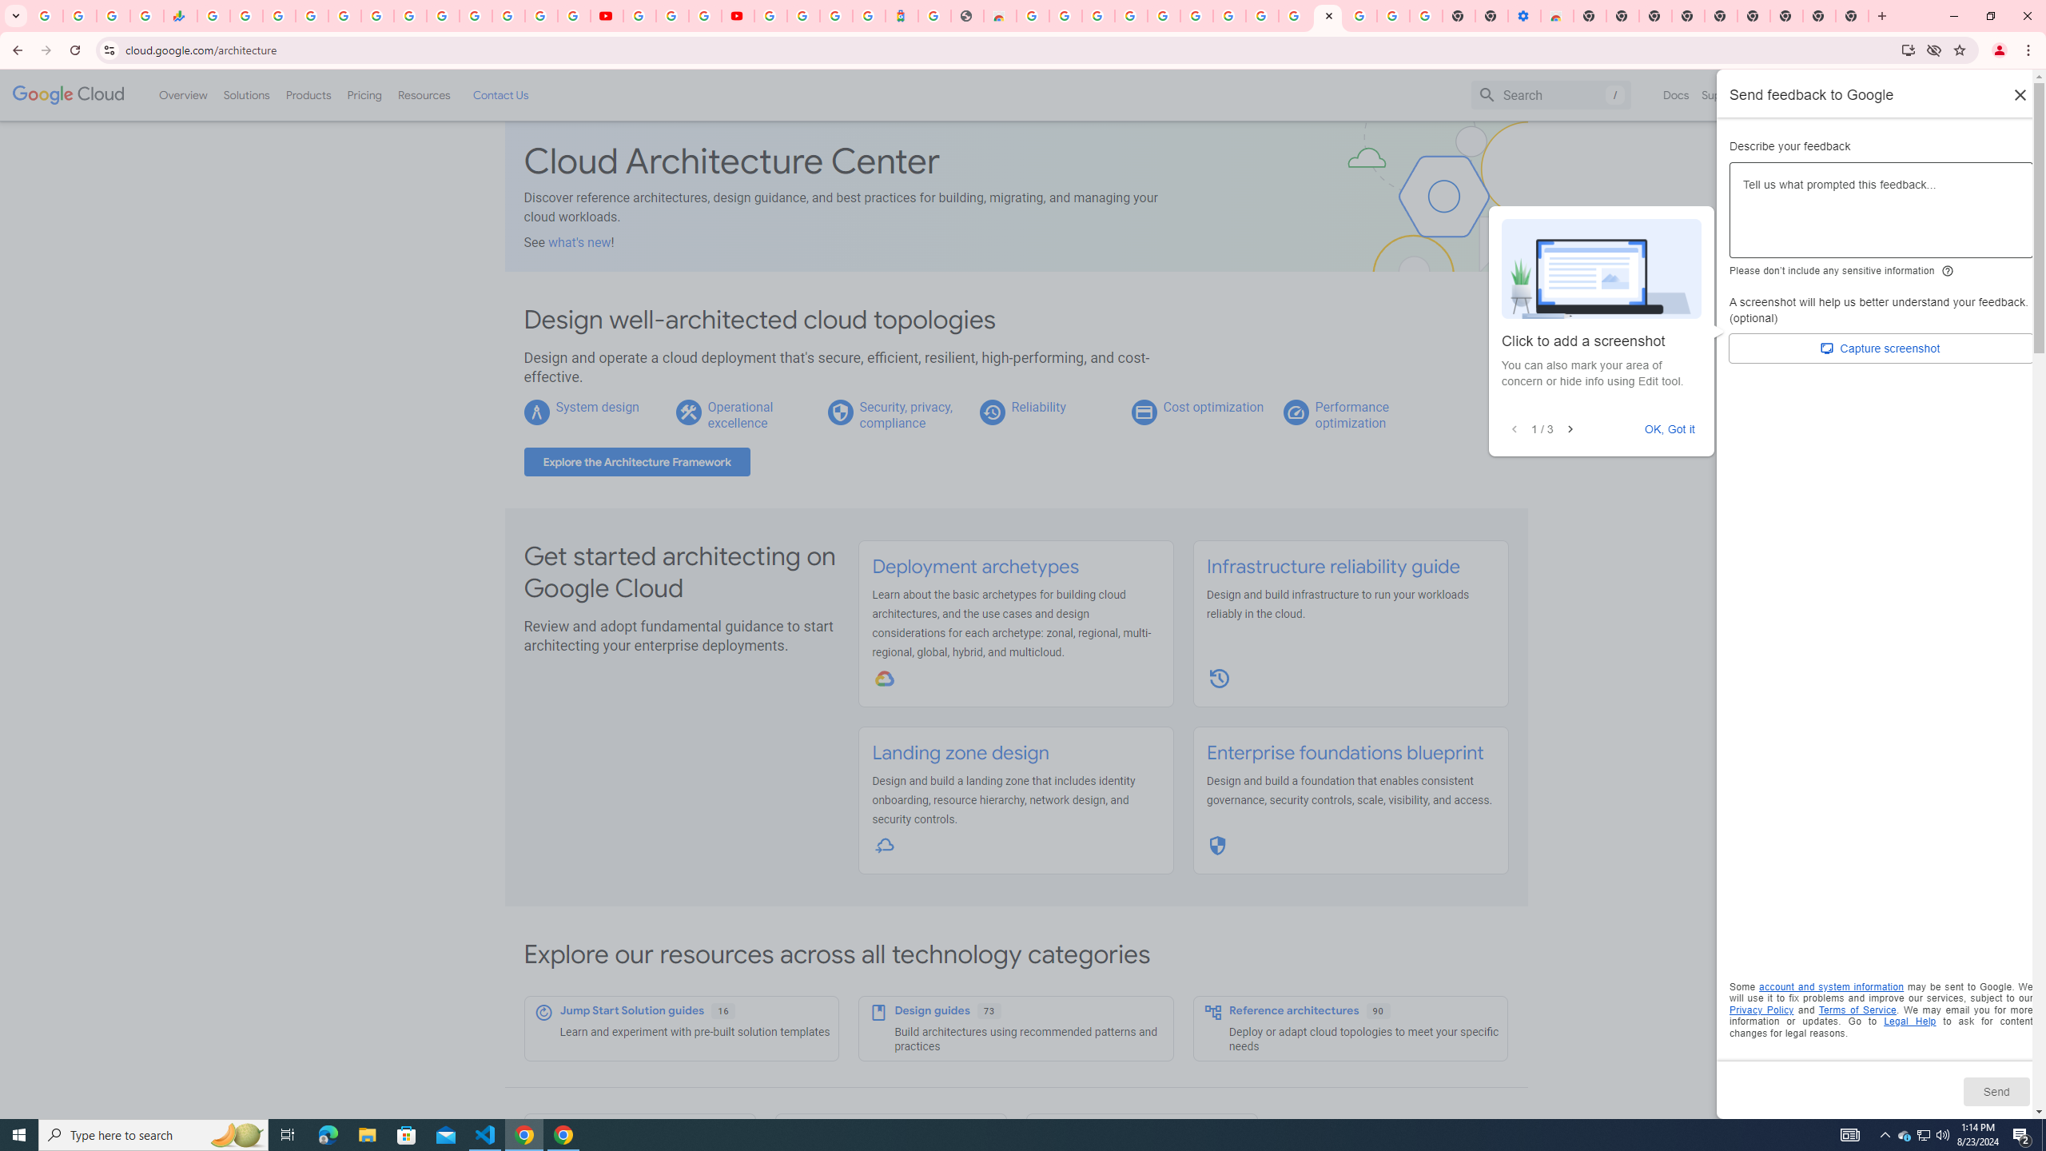  Describe the element at coordinates (1515, 428) in the screenshot. I see `'Previous'` at that location.